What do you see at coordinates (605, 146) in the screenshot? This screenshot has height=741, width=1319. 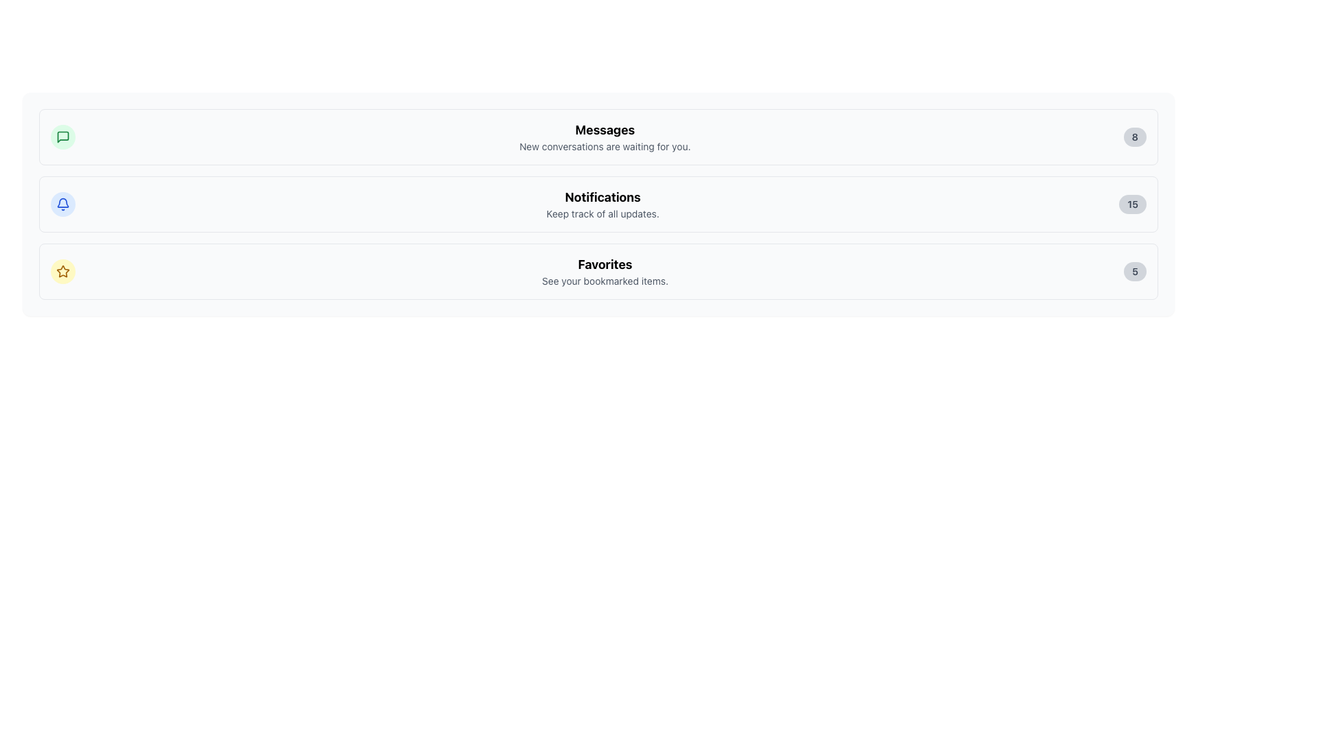 I see `the text label that says 'New conversations are waiting for you,' which is styled in a smaller gray font and located directly below the 'Messages' heading` at bounding box center [605, 146].